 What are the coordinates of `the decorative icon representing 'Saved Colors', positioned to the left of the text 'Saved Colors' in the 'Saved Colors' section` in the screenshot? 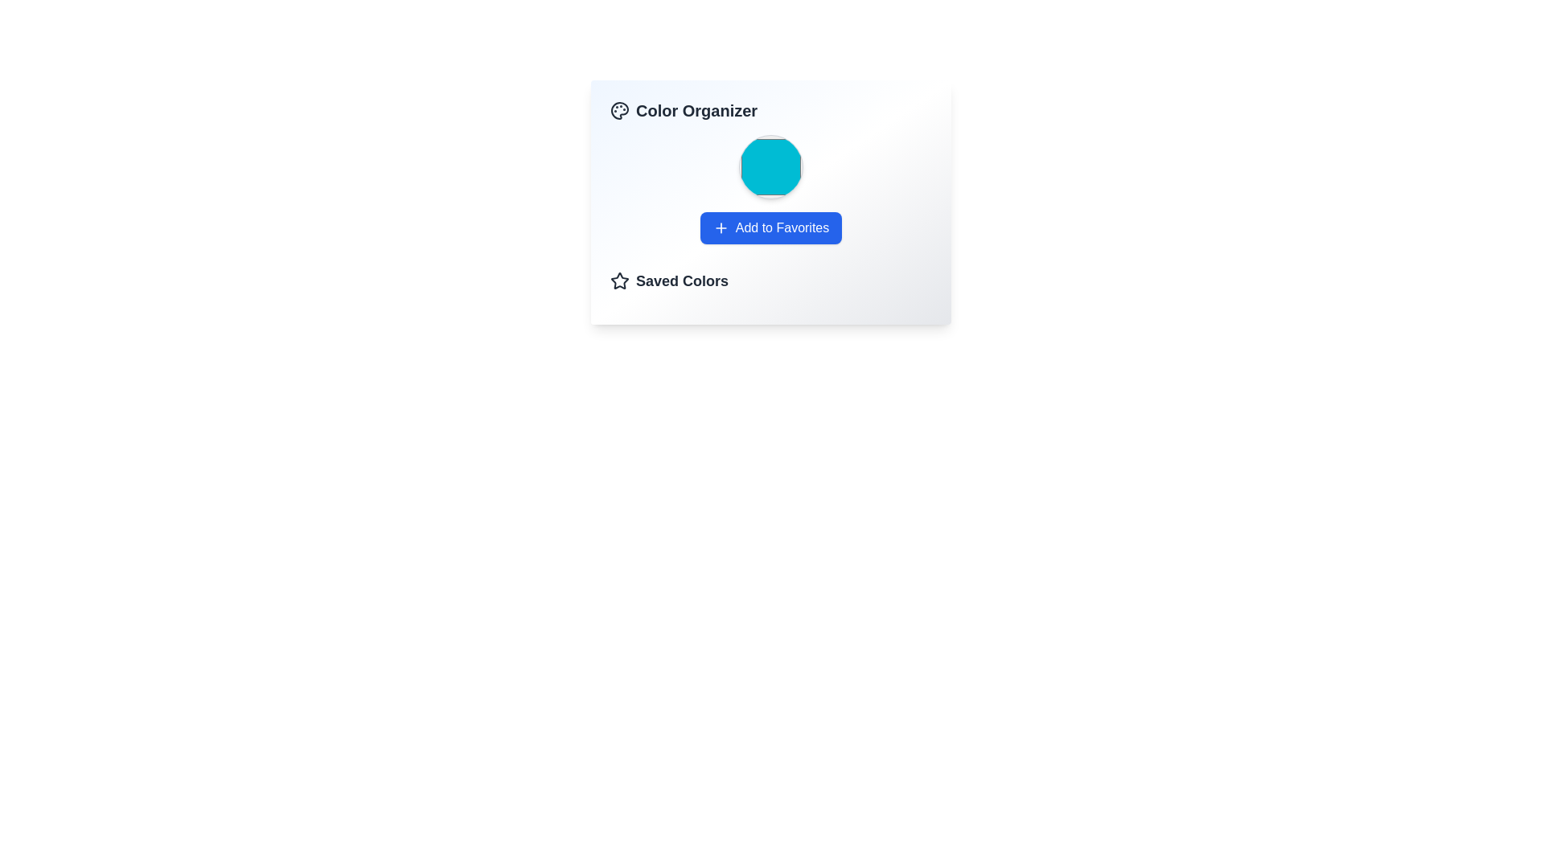 It's located at (619, 280).